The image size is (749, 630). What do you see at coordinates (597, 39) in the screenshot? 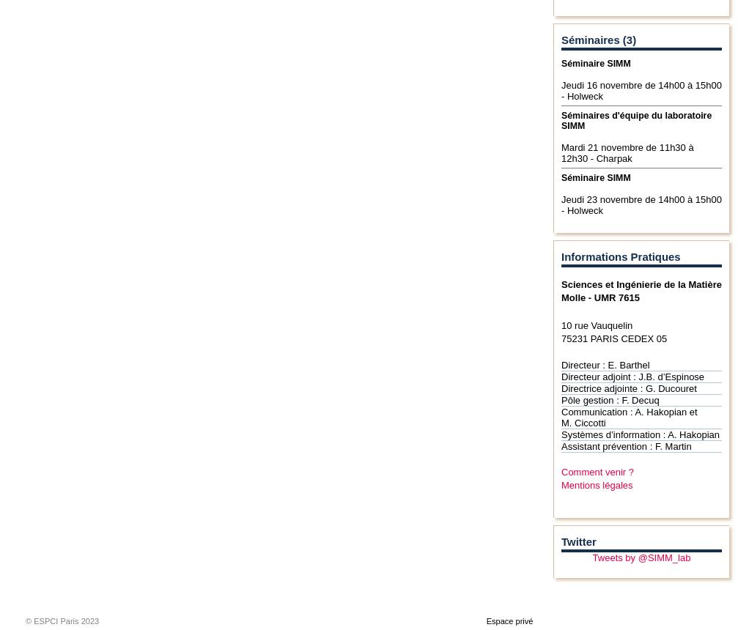
I see `'Séminaires (3)'` at bounding box center [597, 39].